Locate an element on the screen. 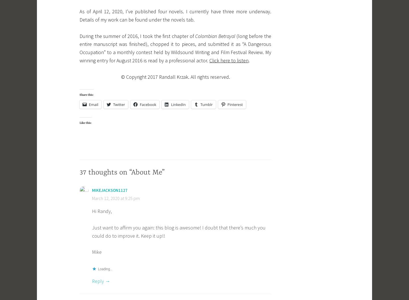 The image size is (409, 300). 'Hi Randy,' is located at coordinates (102, 211).